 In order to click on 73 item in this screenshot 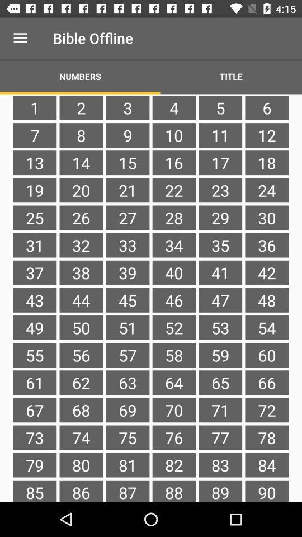, I will do `click(35, 437)`.